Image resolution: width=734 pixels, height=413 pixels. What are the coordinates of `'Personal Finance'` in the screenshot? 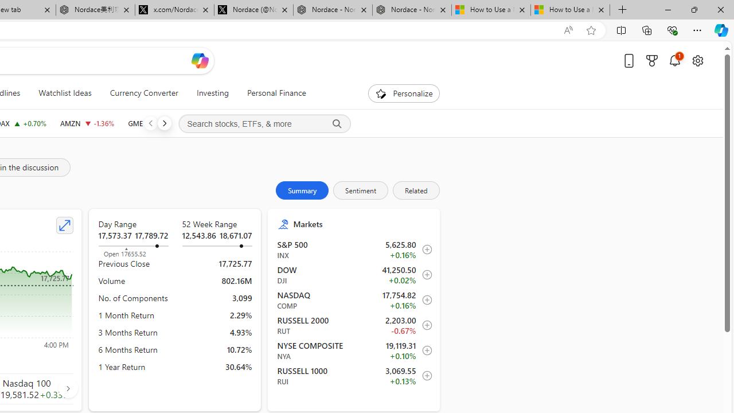 It's located at (276, 93).